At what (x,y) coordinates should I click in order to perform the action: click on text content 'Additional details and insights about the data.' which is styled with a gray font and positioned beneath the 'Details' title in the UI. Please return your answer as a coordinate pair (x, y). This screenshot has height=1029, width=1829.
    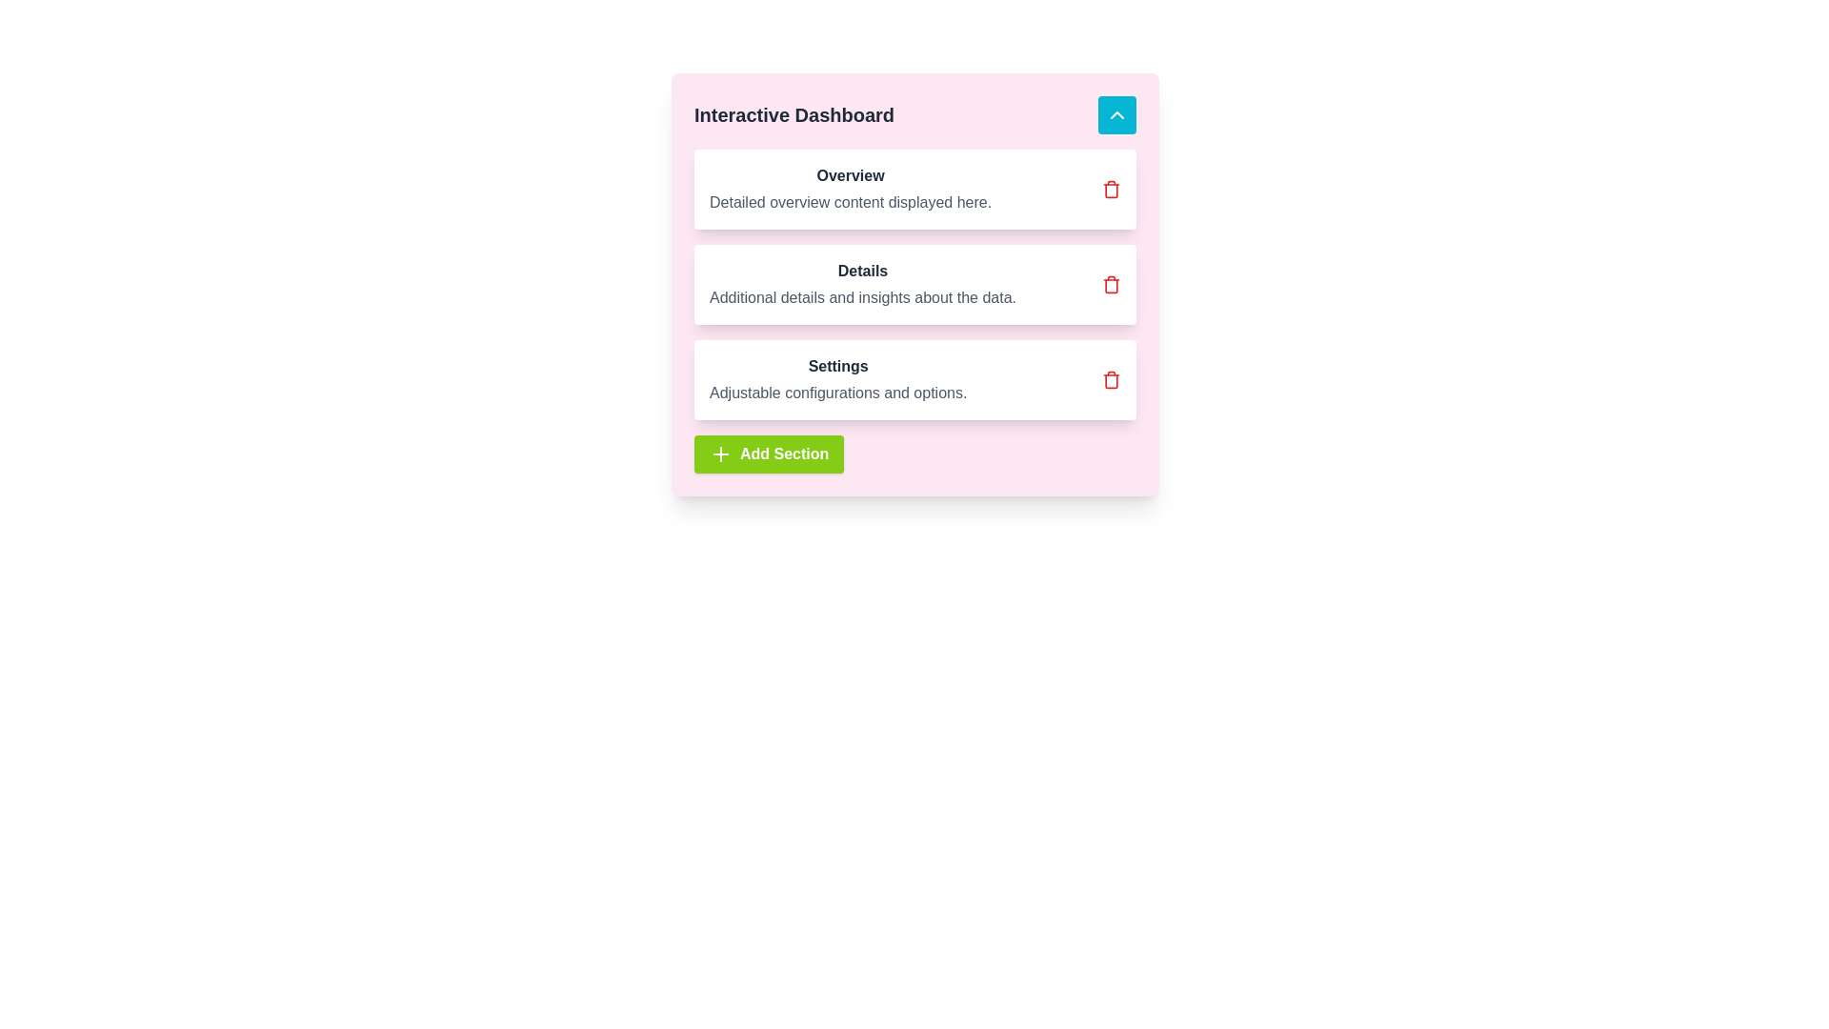
    Looking at the image, I should click on (862, 297).